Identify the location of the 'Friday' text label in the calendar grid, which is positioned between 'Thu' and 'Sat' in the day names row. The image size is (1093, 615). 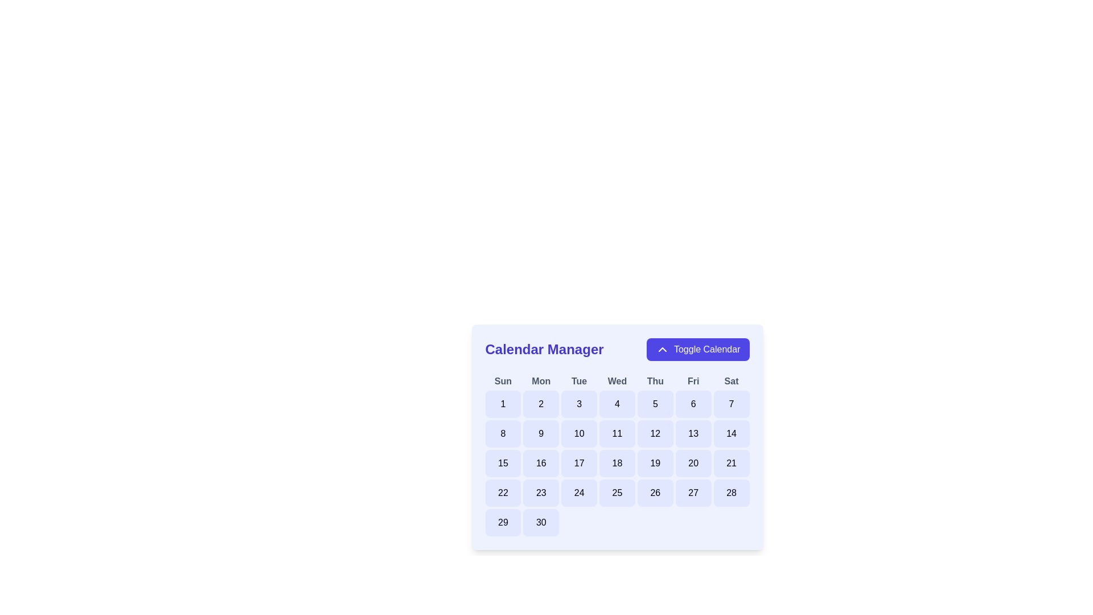
(693, 382).